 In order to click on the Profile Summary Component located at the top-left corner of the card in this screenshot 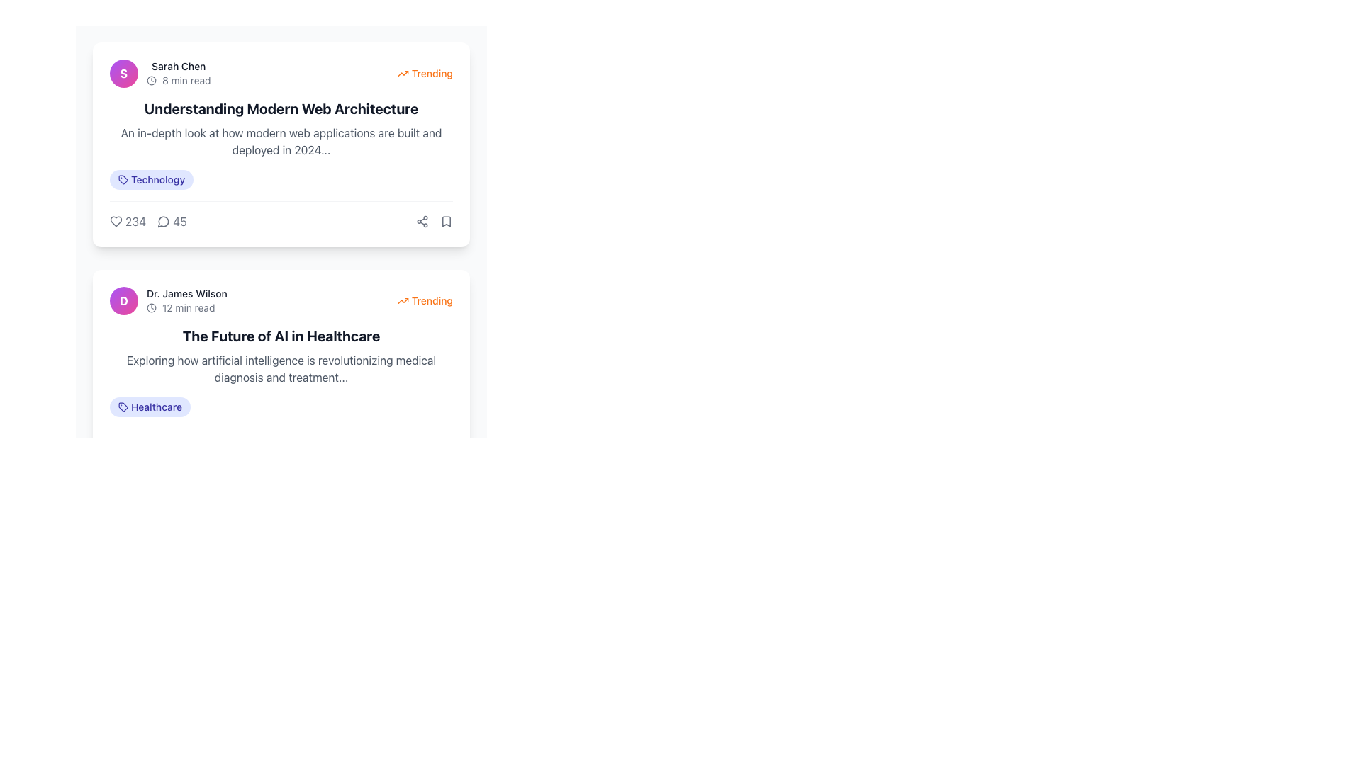, I will do `click(160, 74)`.